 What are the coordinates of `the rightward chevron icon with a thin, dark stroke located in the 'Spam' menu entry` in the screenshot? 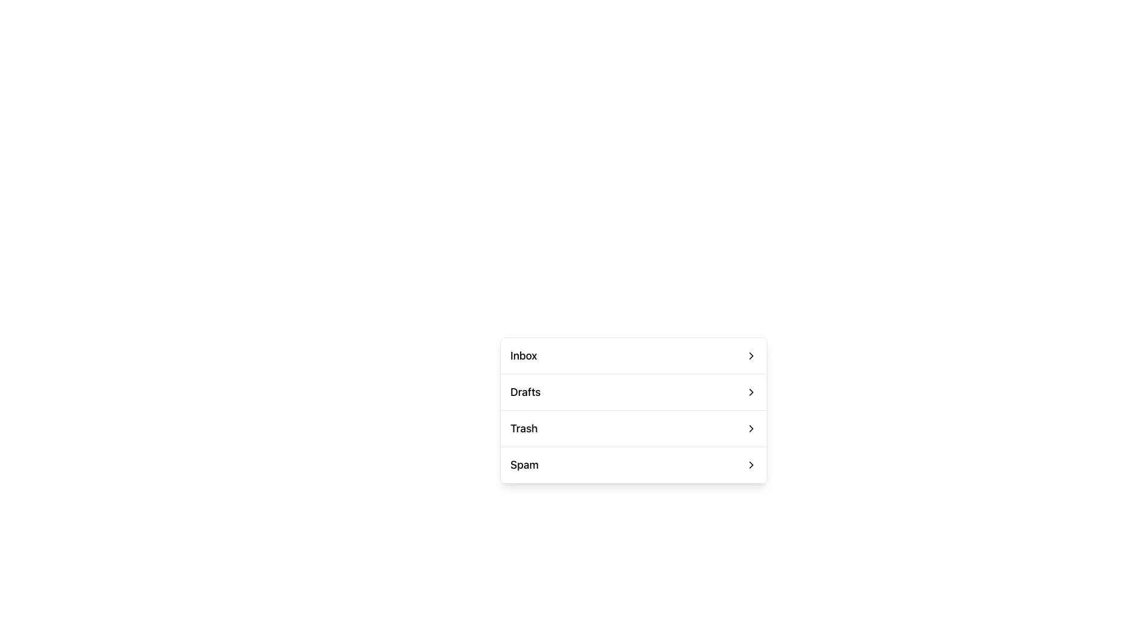 It's located at (750, 464).